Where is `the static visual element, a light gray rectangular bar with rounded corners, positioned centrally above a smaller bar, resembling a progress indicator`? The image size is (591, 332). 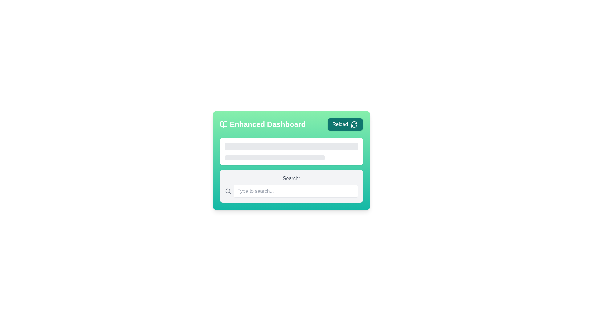
the static visual element, a light gray rectangular bar with rounded corners, positioned centrally above a smaller bar, resembling a progress indicator is located at coordinates (291, 147).